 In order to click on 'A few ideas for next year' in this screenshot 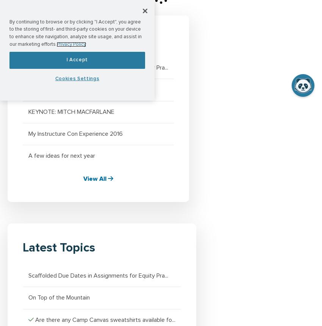, I will do `click(28, 155)`.